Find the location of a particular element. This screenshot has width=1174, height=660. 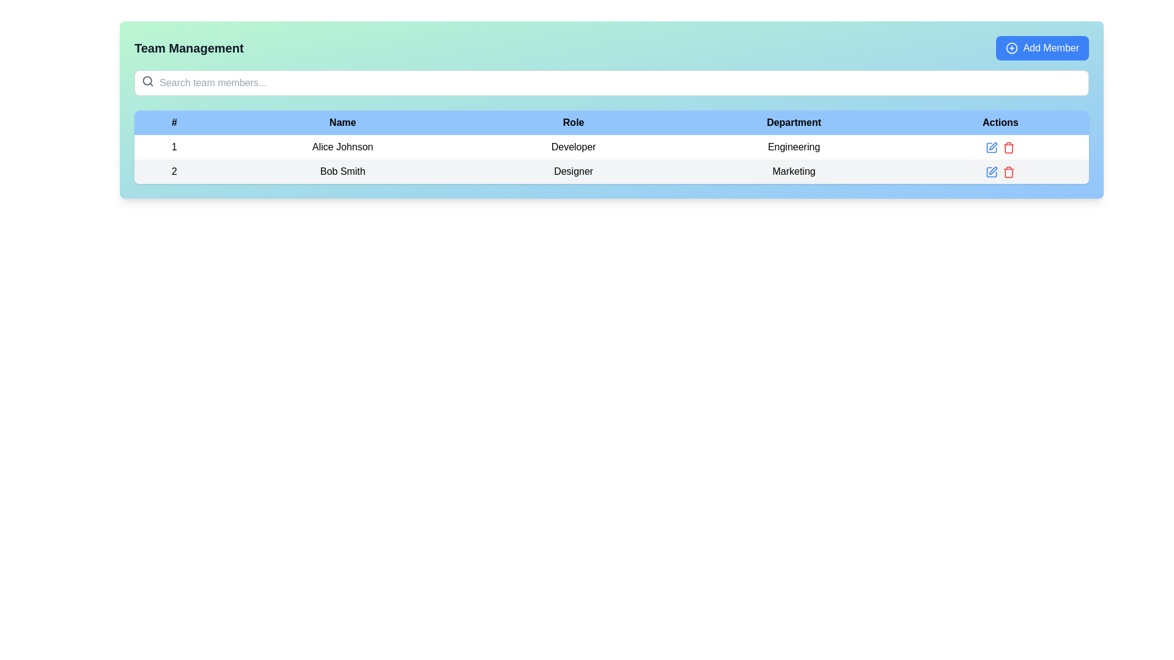

the bold '2' element located in the first column of the second row within the 'Team Management' section of the table is located at coordinates (174, 172).